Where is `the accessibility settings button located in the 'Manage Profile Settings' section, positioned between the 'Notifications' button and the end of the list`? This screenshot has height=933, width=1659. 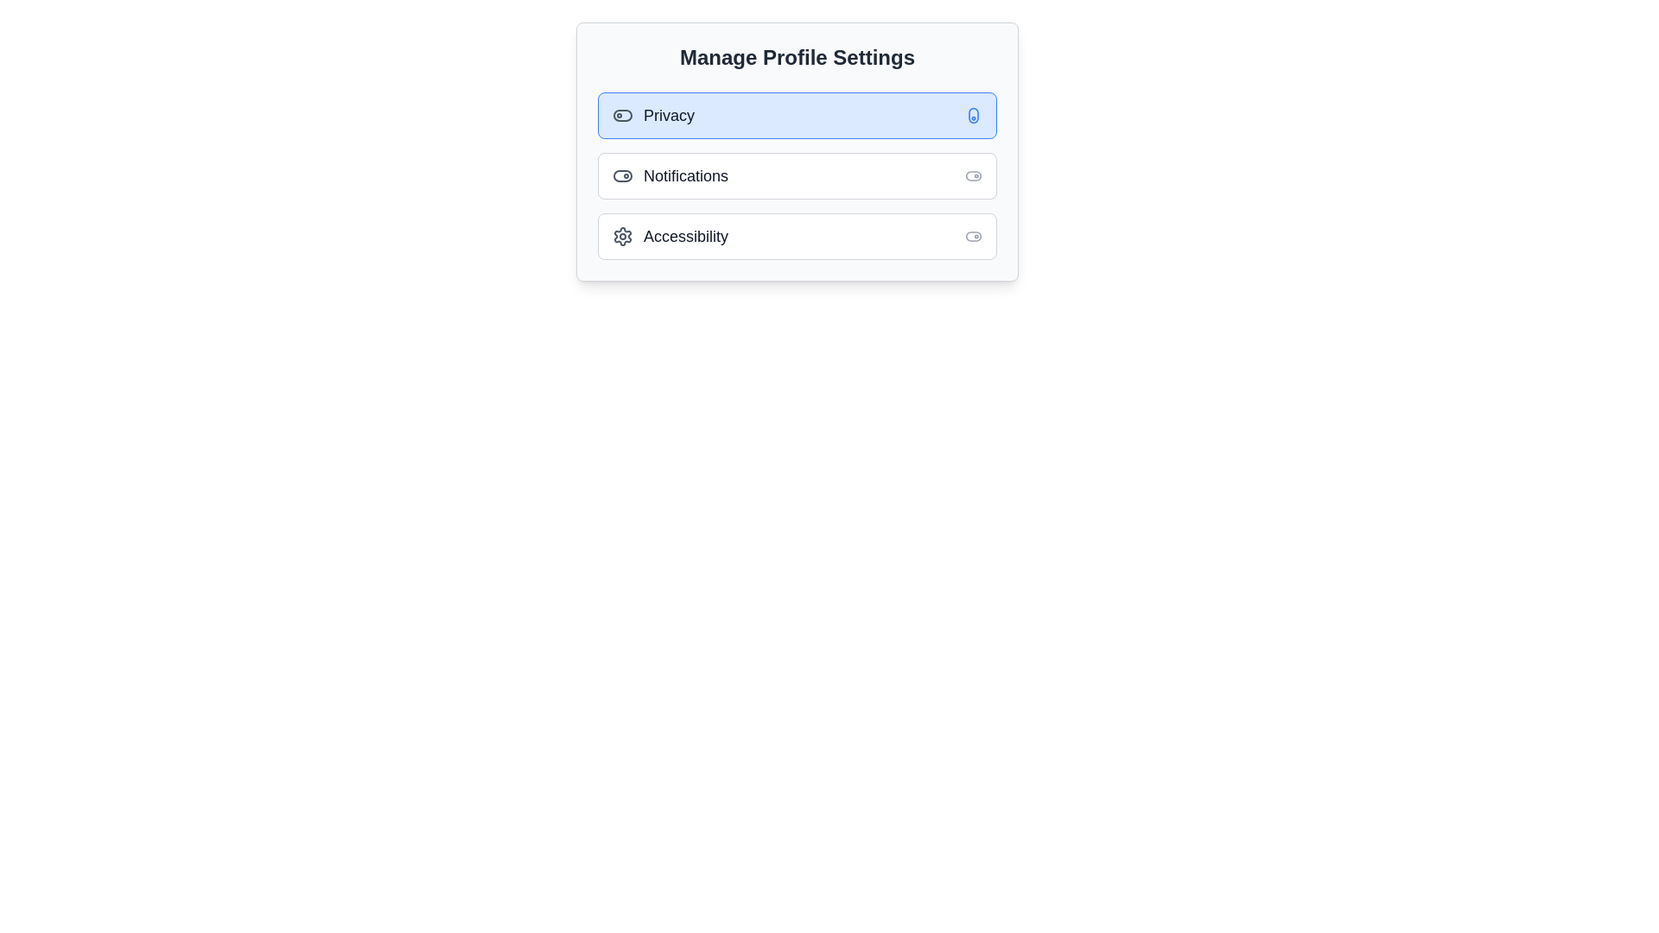
the accessibility settings button located in the 'Manage Profile Settings' section, positioned between the 'Notifications' button and the end of the list is located at coordinates (796, 236).